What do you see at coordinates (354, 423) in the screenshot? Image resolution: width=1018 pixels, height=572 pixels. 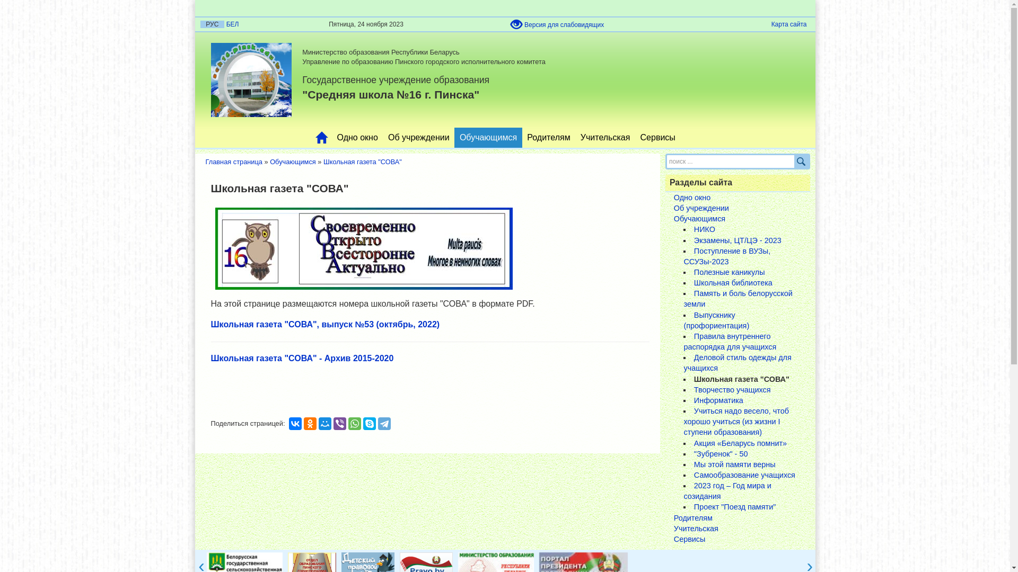 I see `'WhatsApp'` at bounding box center [354, 423].